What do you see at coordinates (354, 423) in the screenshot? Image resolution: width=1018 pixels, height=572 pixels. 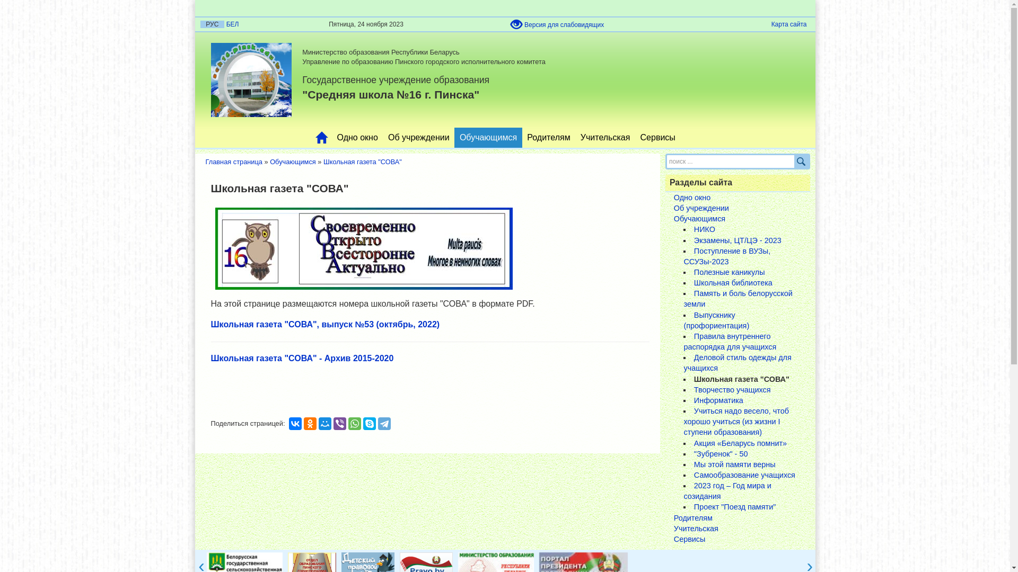 I see `'WhatsApp'` at bounding box center [354, 423].